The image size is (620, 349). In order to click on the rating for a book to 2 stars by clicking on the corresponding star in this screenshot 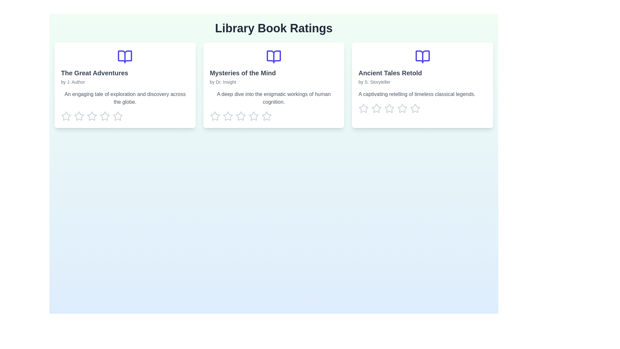, I will do `click(78, 116)`.